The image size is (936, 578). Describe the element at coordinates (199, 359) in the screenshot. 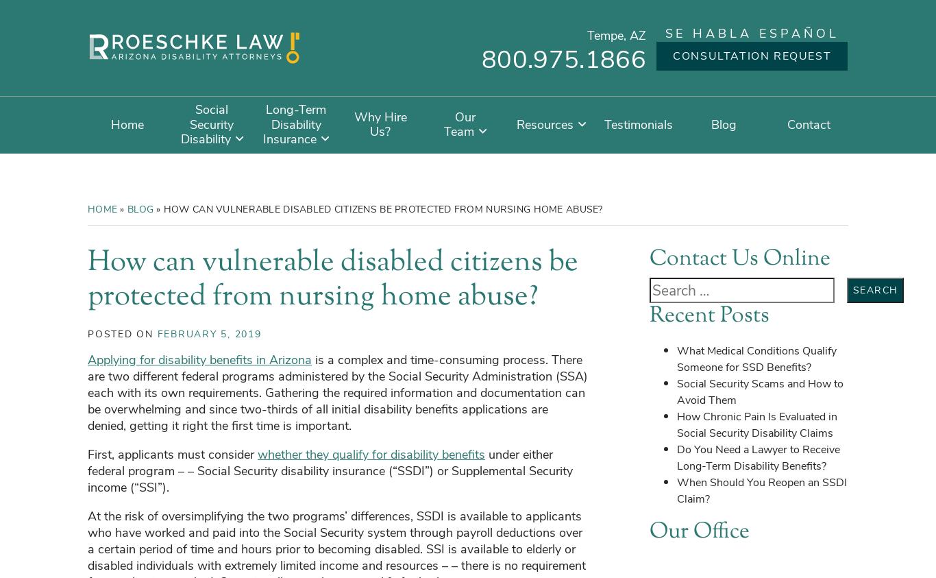

I see `'Applying for disability benefits in Arizona'` at that location.